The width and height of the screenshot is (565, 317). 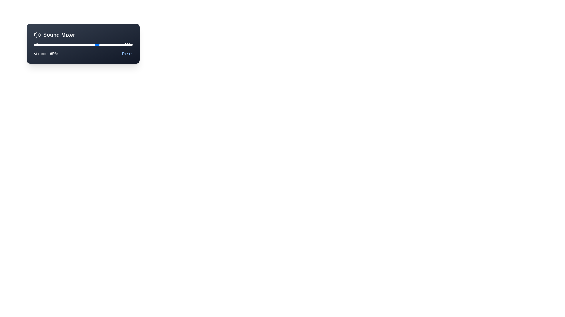 I want to click on the slider to set the volume to 9%, so click(x=42, y=45).